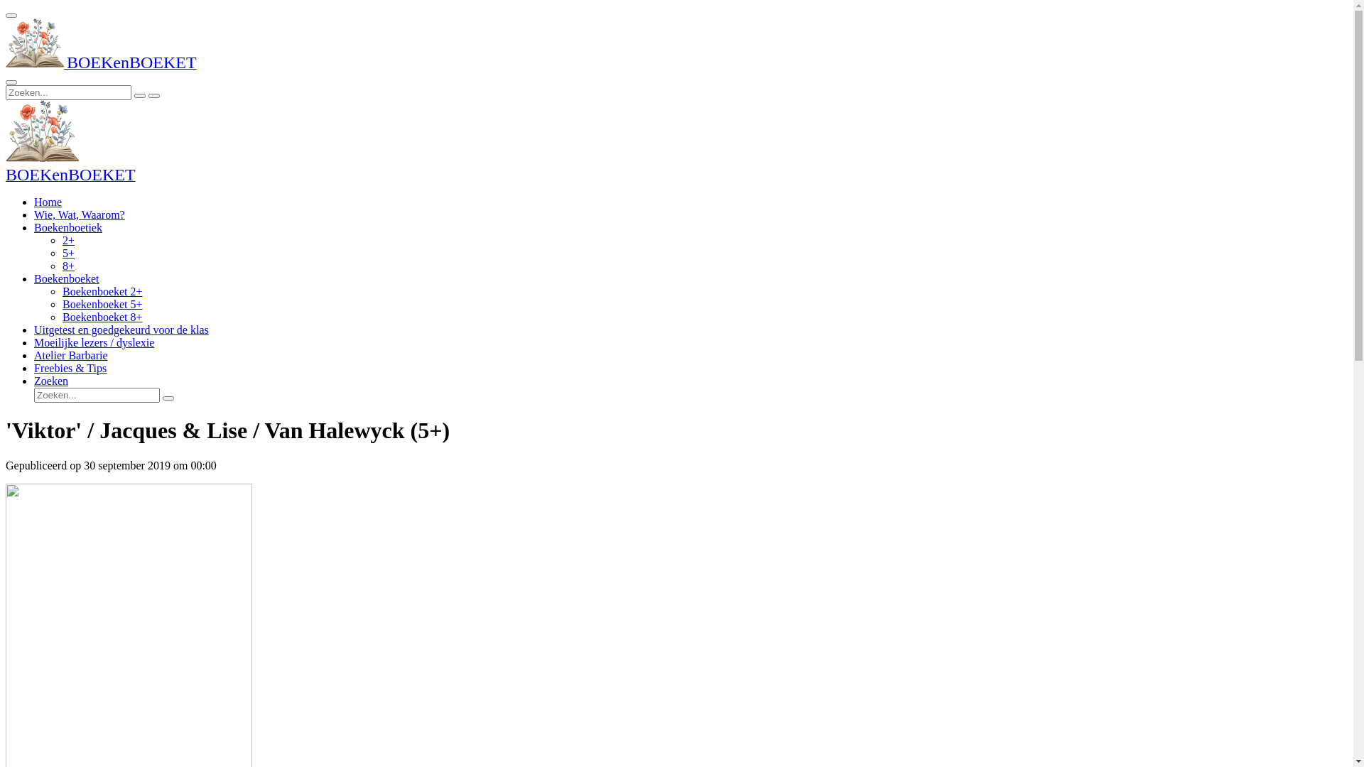  What do you see at coordinates (70, 354) in the screenshot?
I see `'Atelier Barbarie'` at bounding box center [70, 354].